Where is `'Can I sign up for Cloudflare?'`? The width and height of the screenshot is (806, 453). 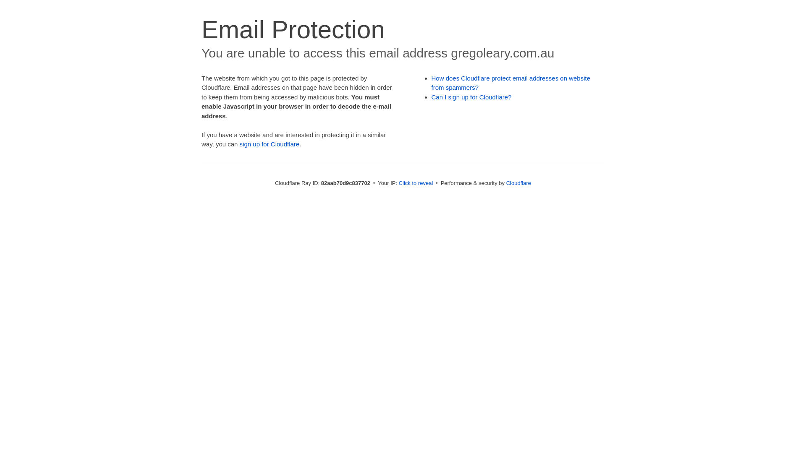
'Can I sign up for Cloudflare?' is located at coordinates (471, 96).